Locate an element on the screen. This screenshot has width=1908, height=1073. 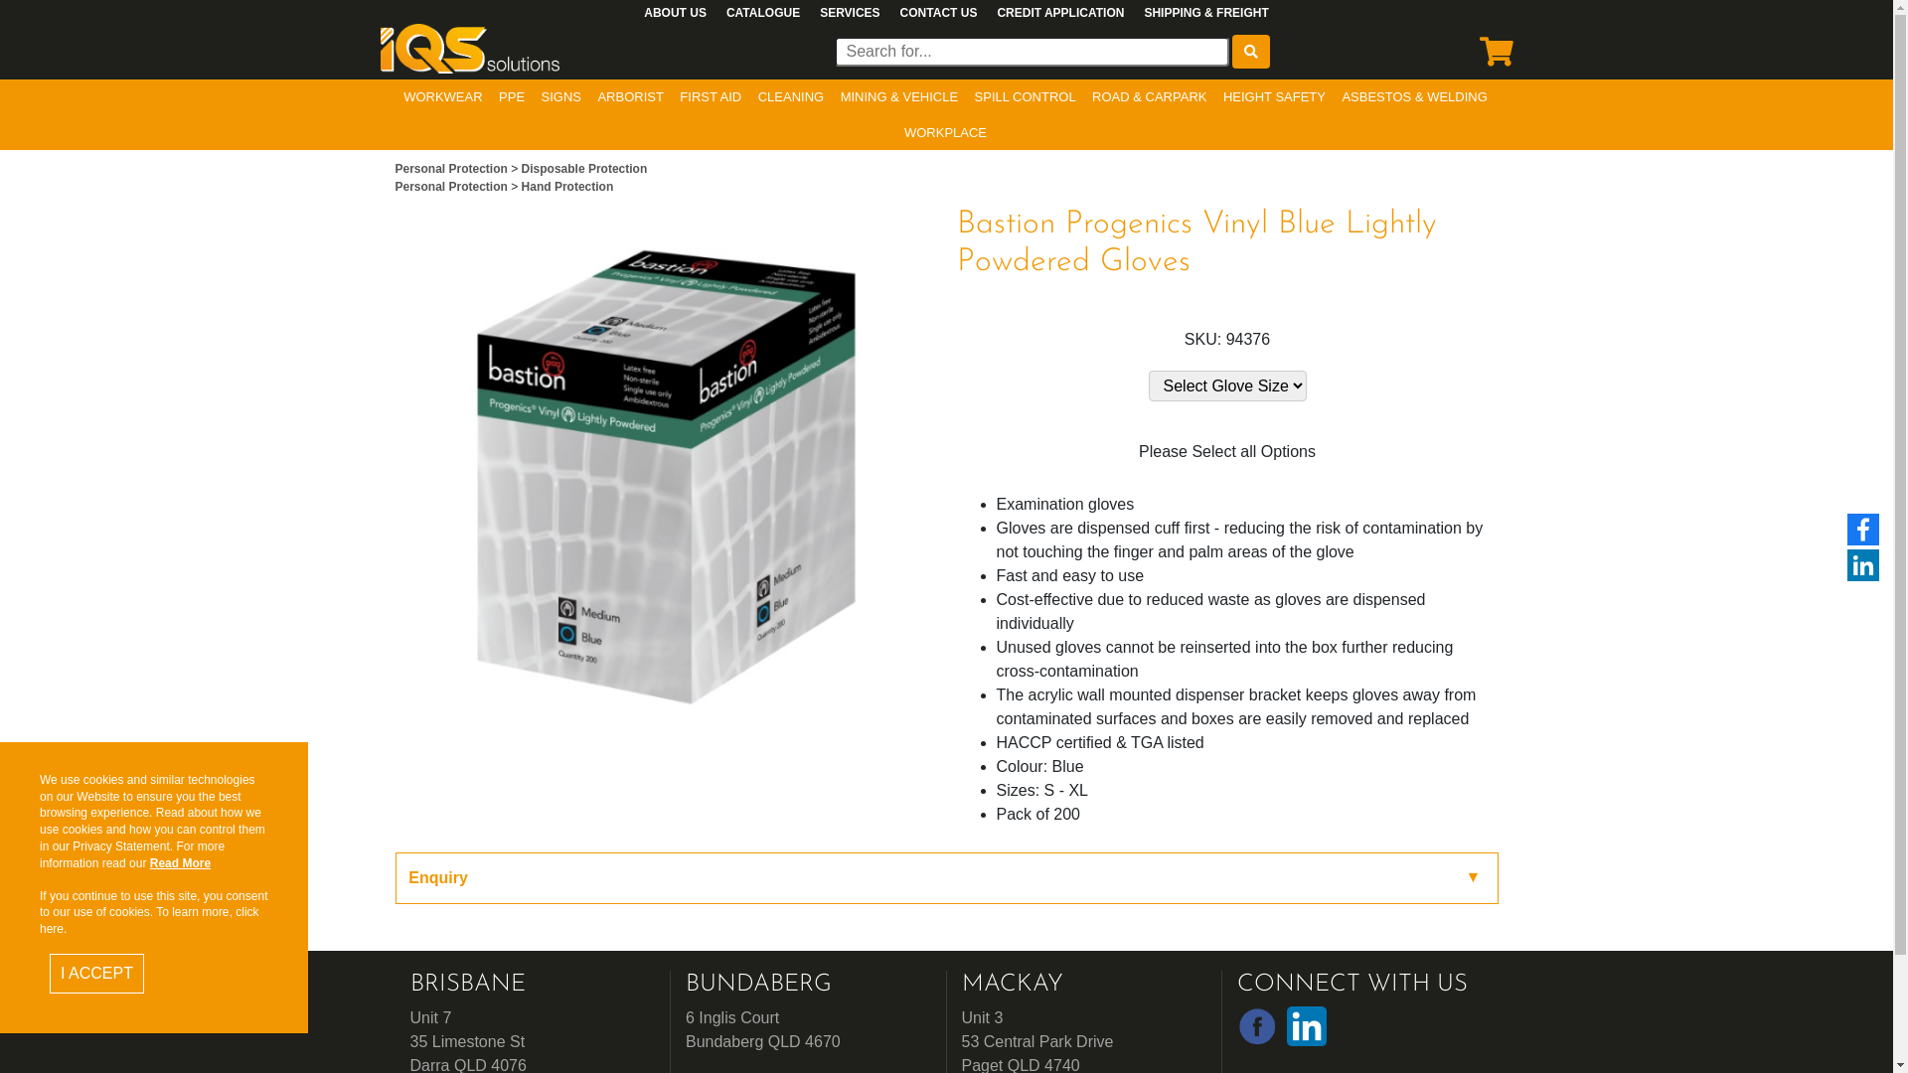
'HEIGHT SAFETY' is located at coordinates (1274, 96).